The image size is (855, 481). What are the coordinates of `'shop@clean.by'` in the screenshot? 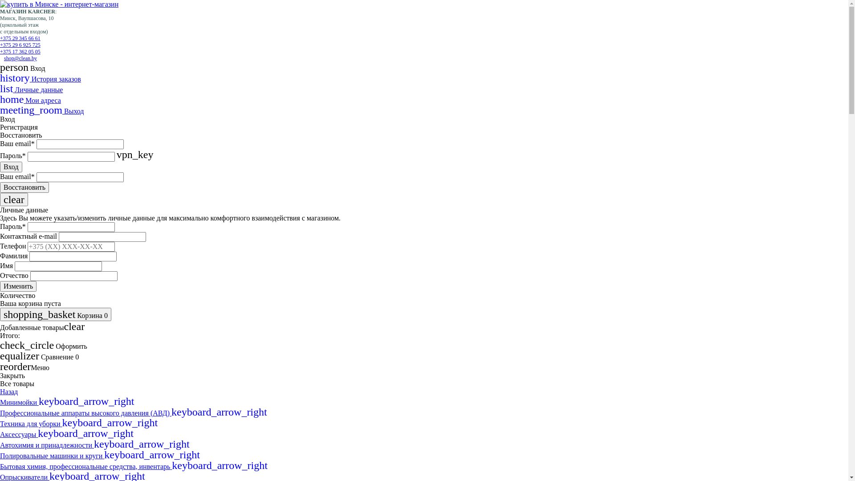 It's located at (20, 58).